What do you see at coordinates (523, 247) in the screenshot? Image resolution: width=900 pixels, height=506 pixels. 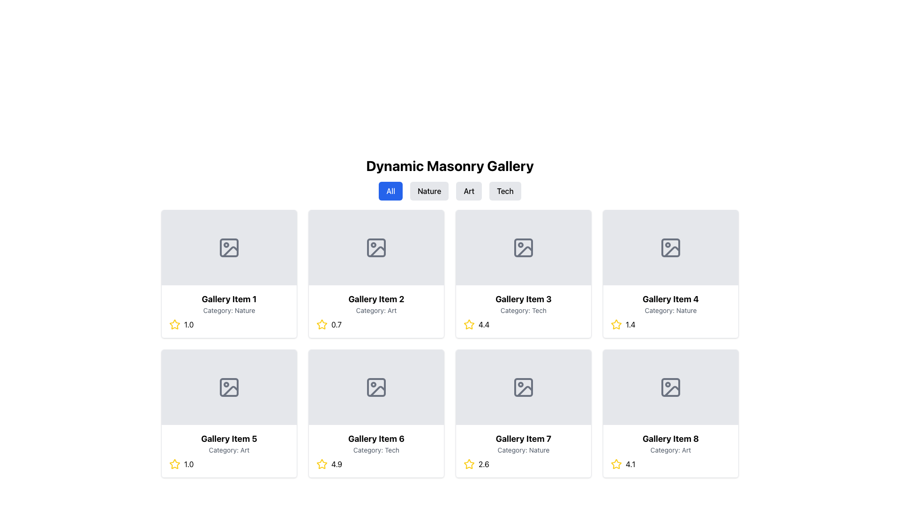 I see `the graphical placeholder for 'Gallery Item 3', which is located in the upper portion of its card and visually represents an image placeholder` at bounding box center [523, 247].